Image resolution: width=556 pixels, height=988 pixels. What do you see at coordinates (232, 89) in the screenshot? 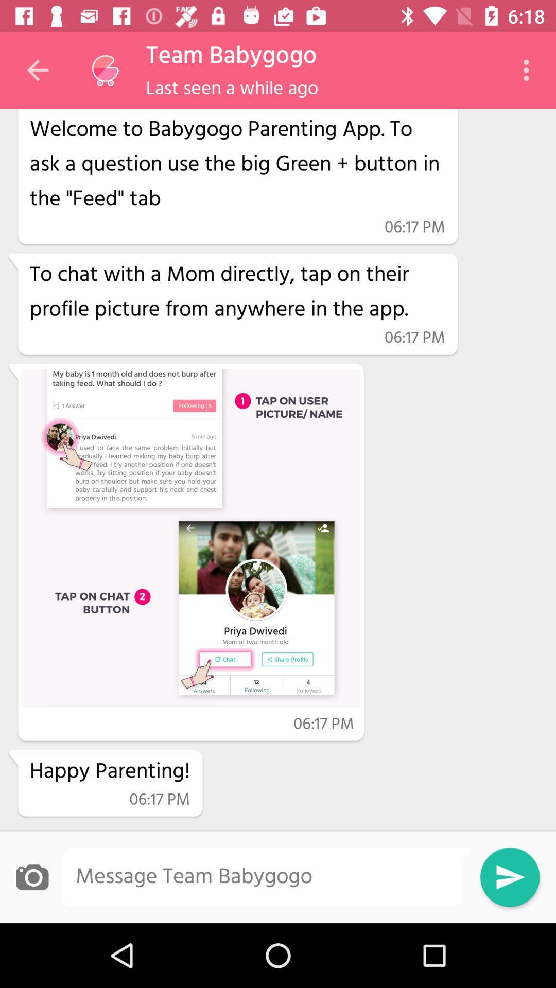
I see `the item below the team babygogo` at bounding box center [232, 89].